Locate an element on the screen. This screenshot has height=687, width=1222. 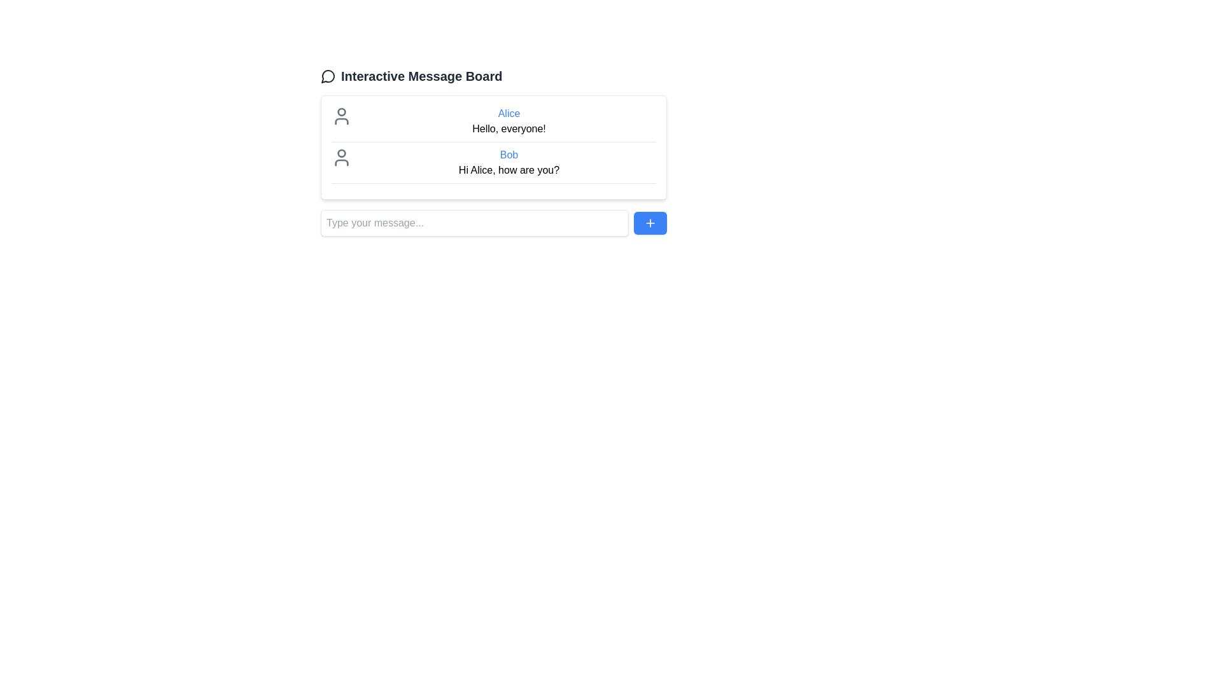
the label containing the text 'Bob', which is styled in blue font and indicates the sender's name in the chat interface is located at coordinates (509, 154).